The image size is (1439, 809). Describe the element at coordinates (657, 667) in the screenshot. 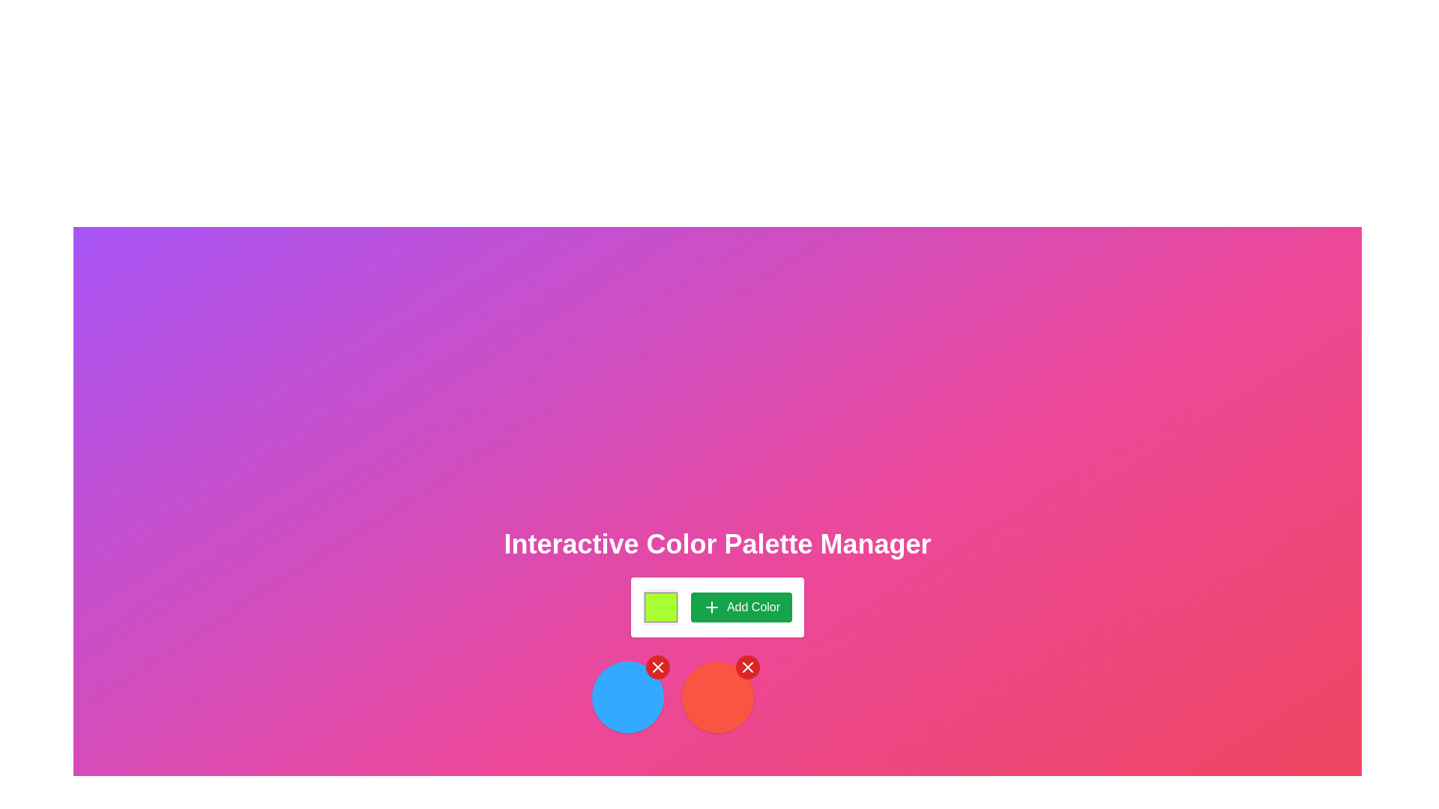

I see `the close button located at the top-right corner of the circular component with a blue background` at that location.